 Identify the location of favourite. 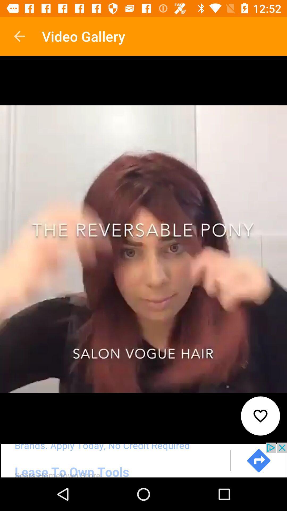
(260, 416).